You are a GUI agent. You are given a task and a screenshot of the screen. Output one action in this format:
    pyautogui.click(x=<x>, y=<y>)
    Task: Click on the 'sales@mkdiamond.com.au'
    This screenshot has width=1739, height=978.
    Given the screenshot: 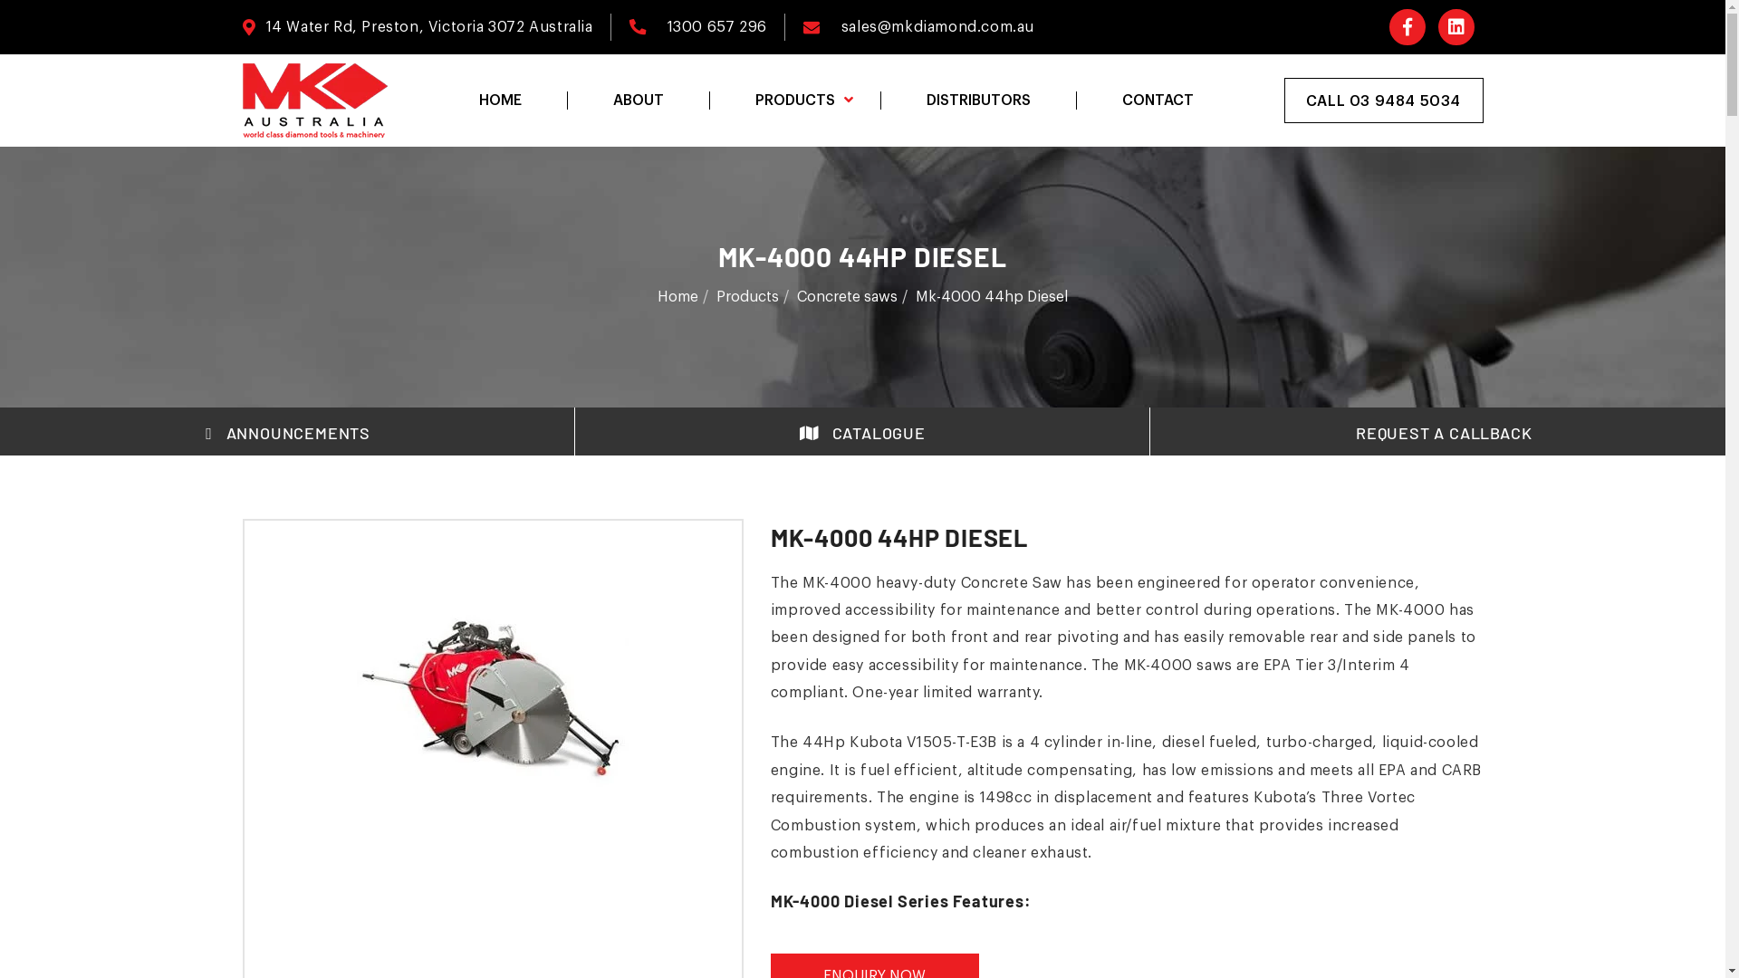 What is the action you would take?
    pyautogui.click(x=841, y=27)
    